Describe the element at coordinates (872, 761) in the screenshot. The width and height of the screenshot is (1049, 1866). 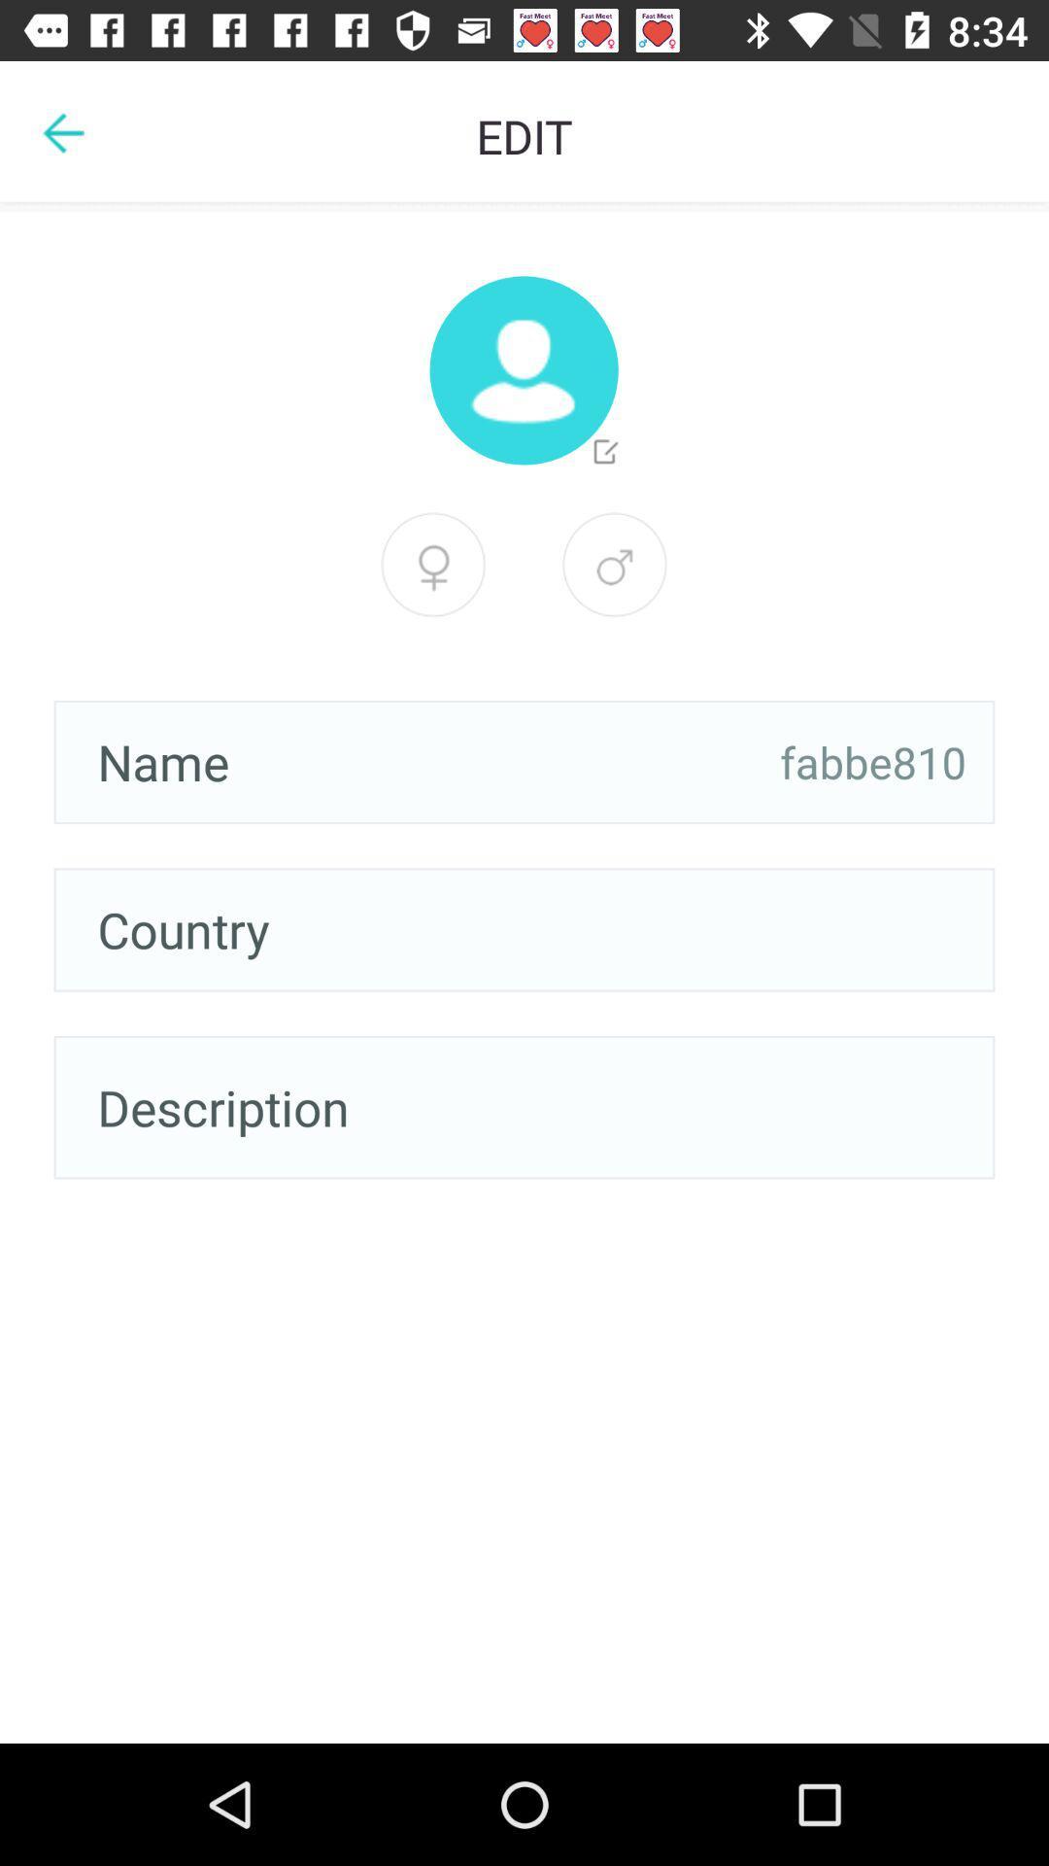
I see `icon to the right of name item` at that location.